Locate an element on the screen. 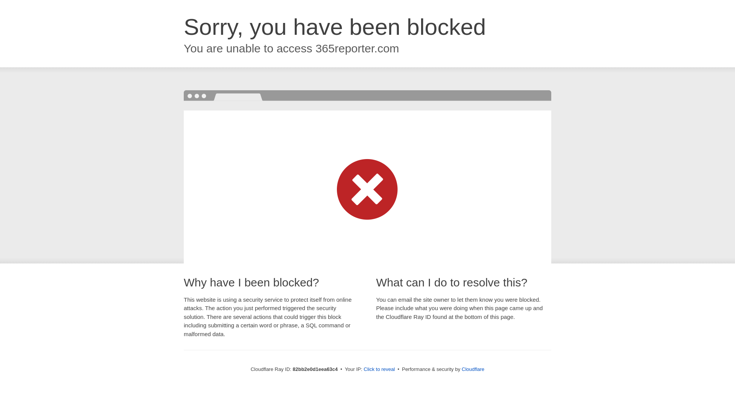 The width and height of the screenshot is (735, 413). 'Cloudflare' is located at coordinates (472, 369).